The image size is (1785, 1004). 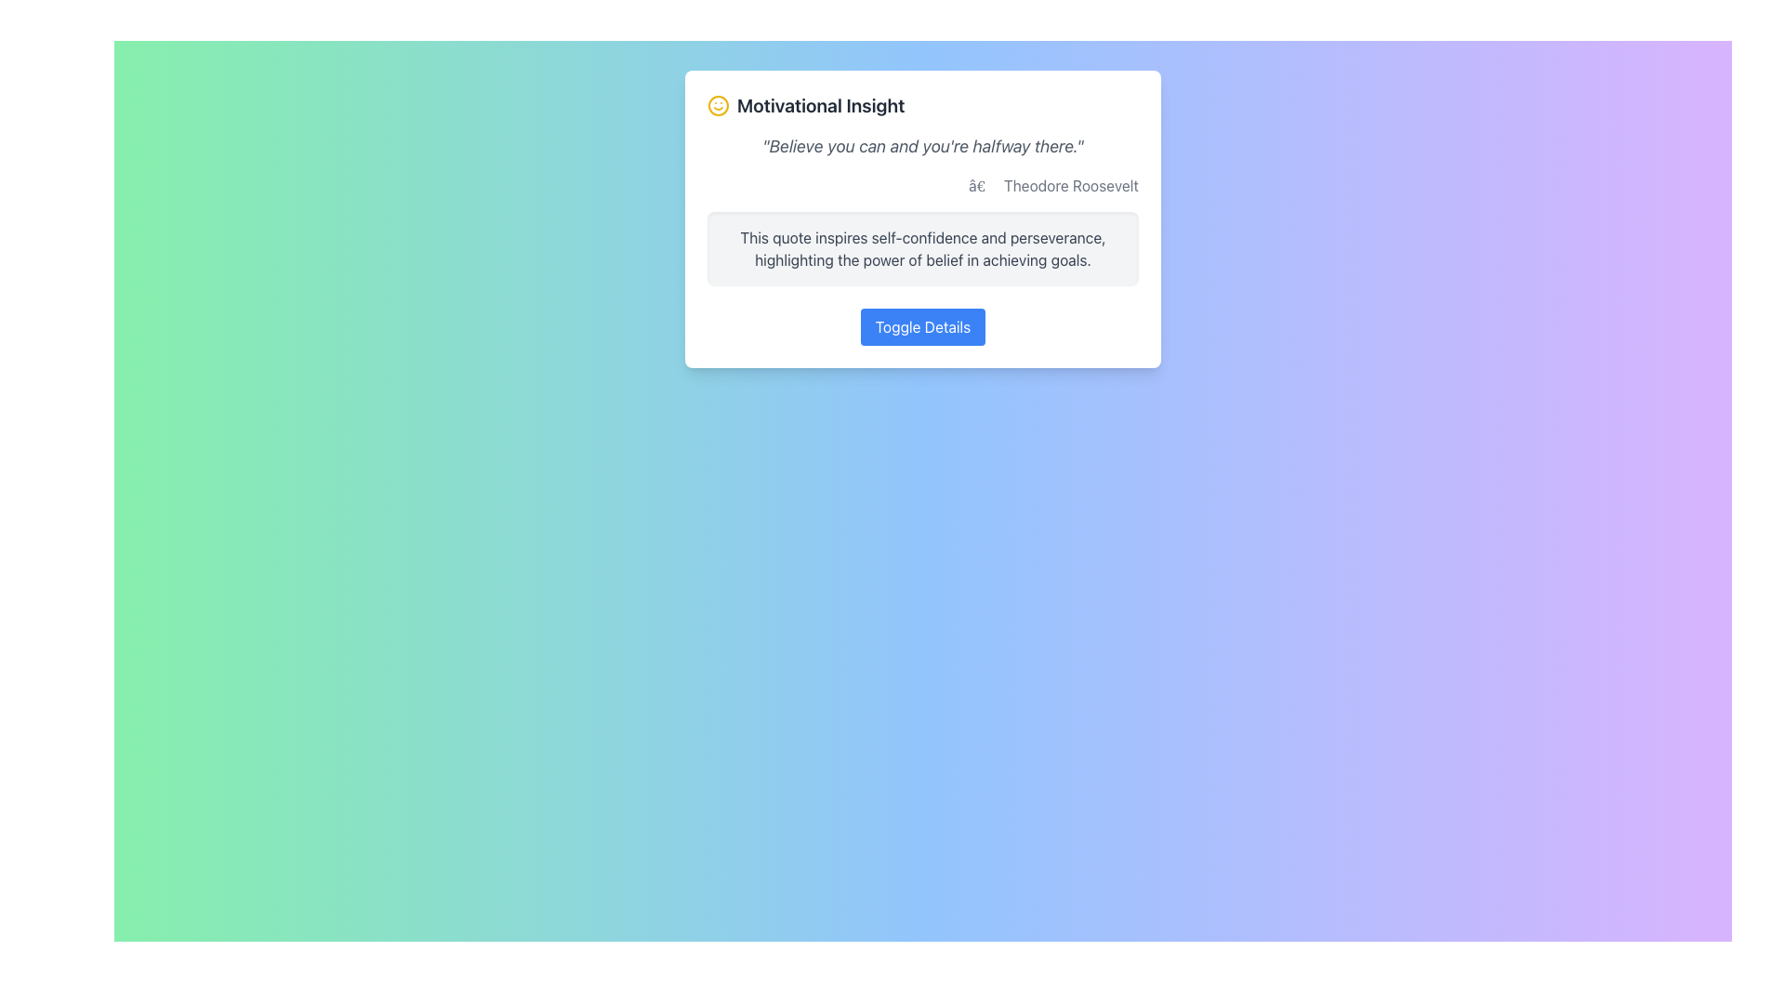 What do you see at coordinates (717, 106) in the screenshot?
I see `the decorative SVG icon located at the top left of the 'Motivational Insight' card, which precedes the heading text 'Motivational Insight'` at bounding box center [717, 106].